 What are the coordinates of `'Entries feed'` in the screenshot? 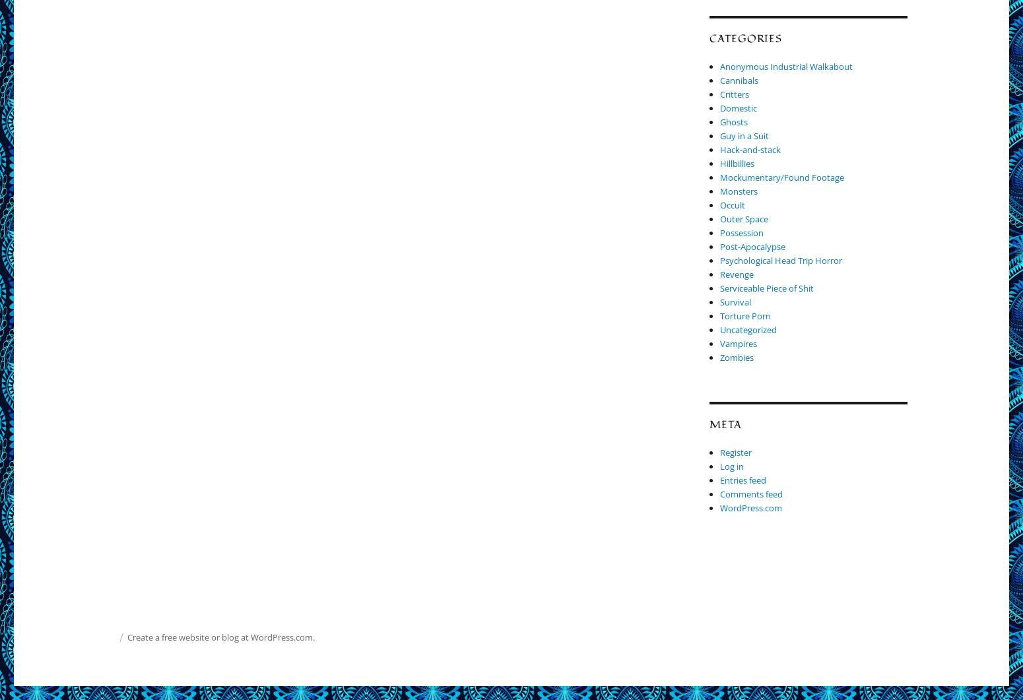 It's located at (742, 480).